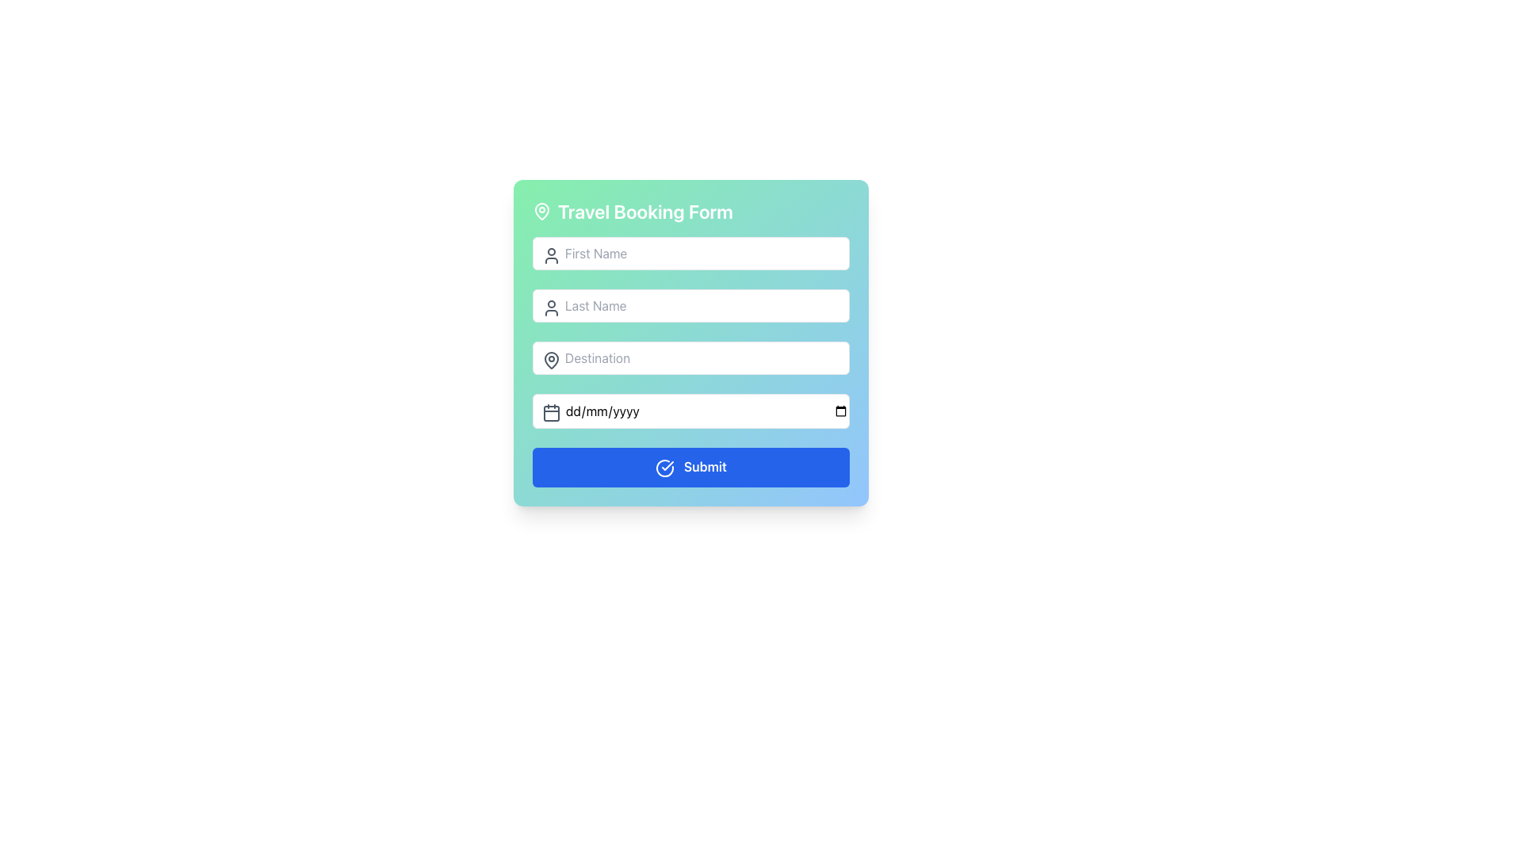 This screenshot has height=856, width=1522. I want to click on the checkmark icon inside a circular outline, located to the left of the 'Submit' text in the button element at the bottom of the form interface, so click(665, 467).